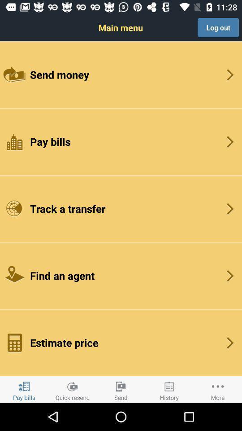 The image size is (242, 431). Describe the element at coordinates (121, 275) in the screenshot. I see `icon above the estimate price icon` at that location.